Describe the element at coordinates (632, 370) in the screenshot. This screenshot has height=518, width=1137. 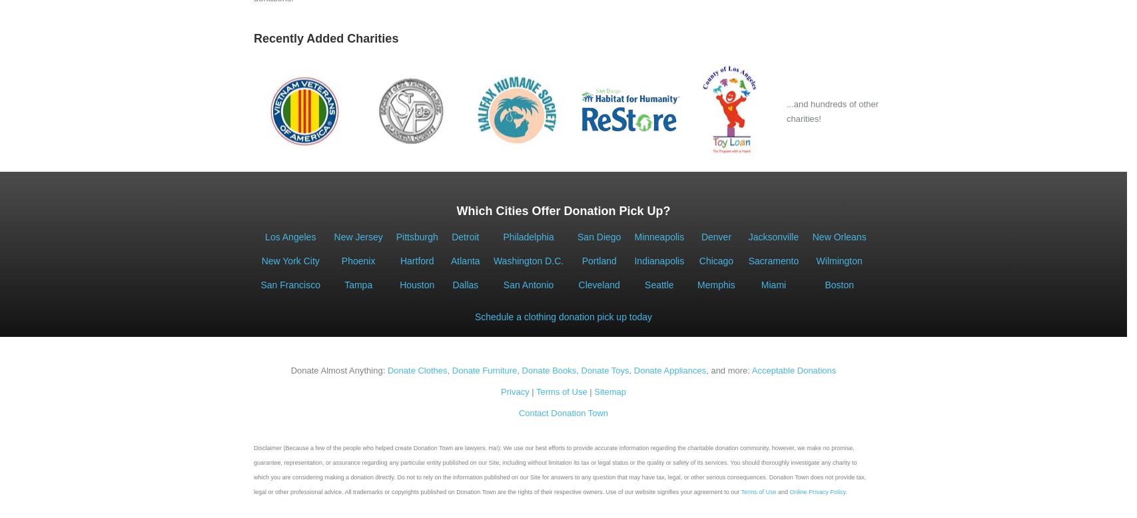
I see `'Donate Appliances'` at that location.